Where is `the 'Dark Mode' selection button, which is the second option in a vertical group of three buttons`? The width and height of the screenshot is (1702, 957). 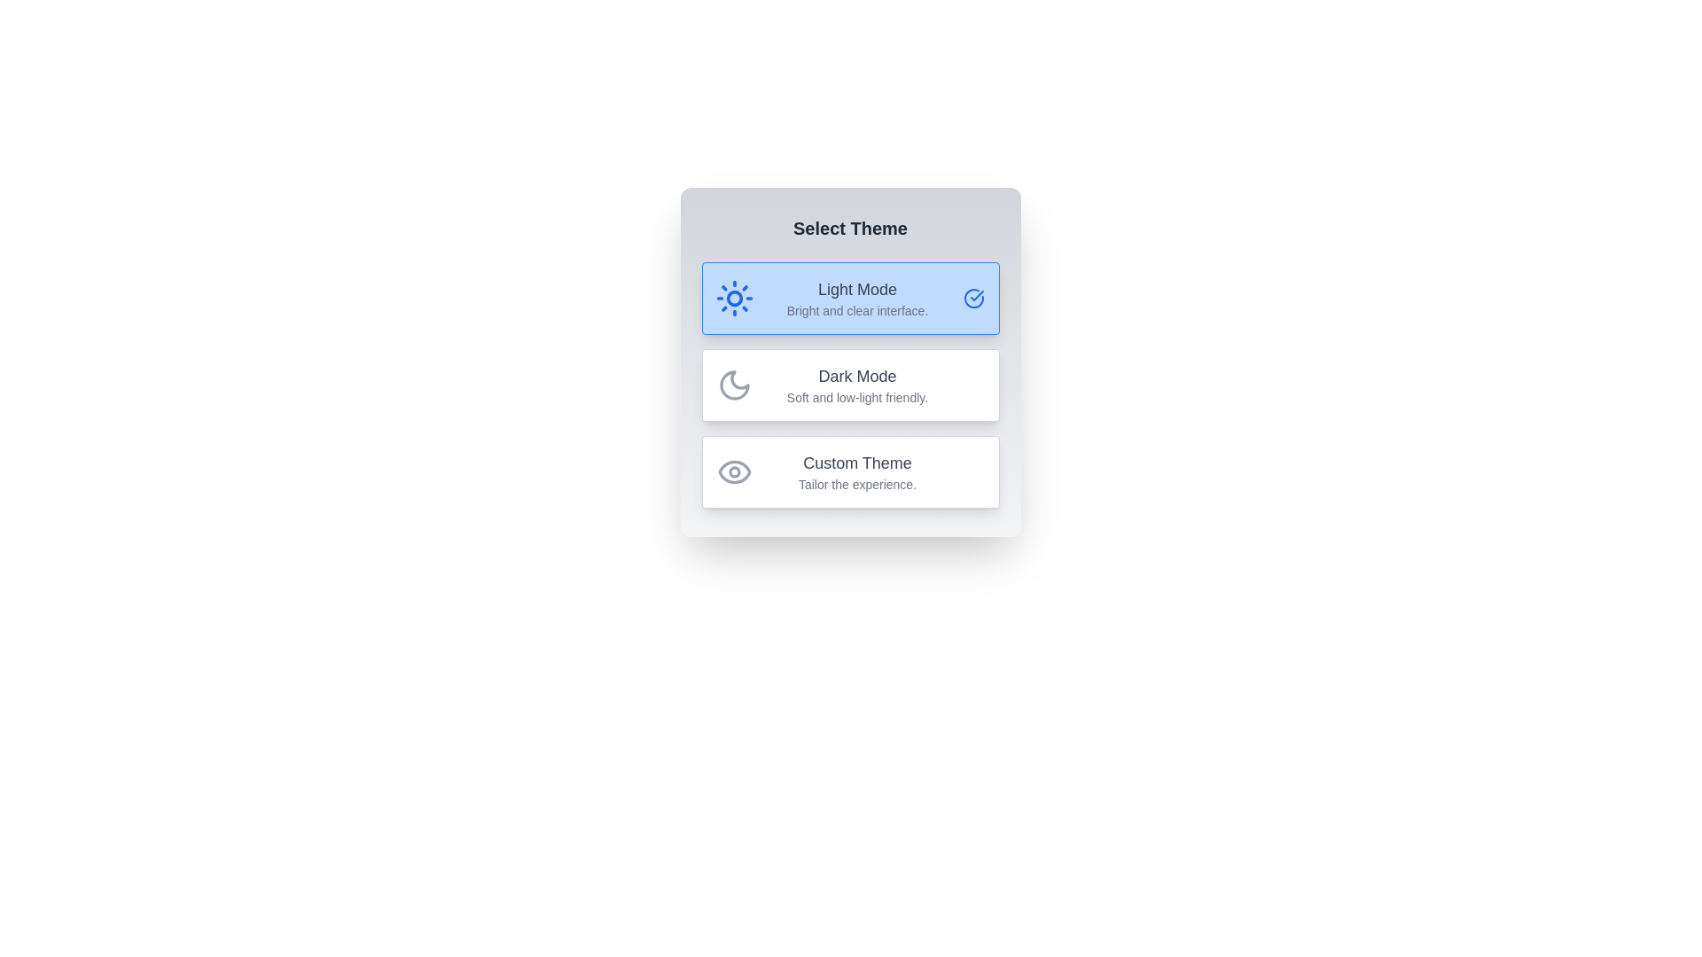 the 'Dark Mode' selection button, which is the second option in a vertical group of three buttons is located at coordinates (849, 385).